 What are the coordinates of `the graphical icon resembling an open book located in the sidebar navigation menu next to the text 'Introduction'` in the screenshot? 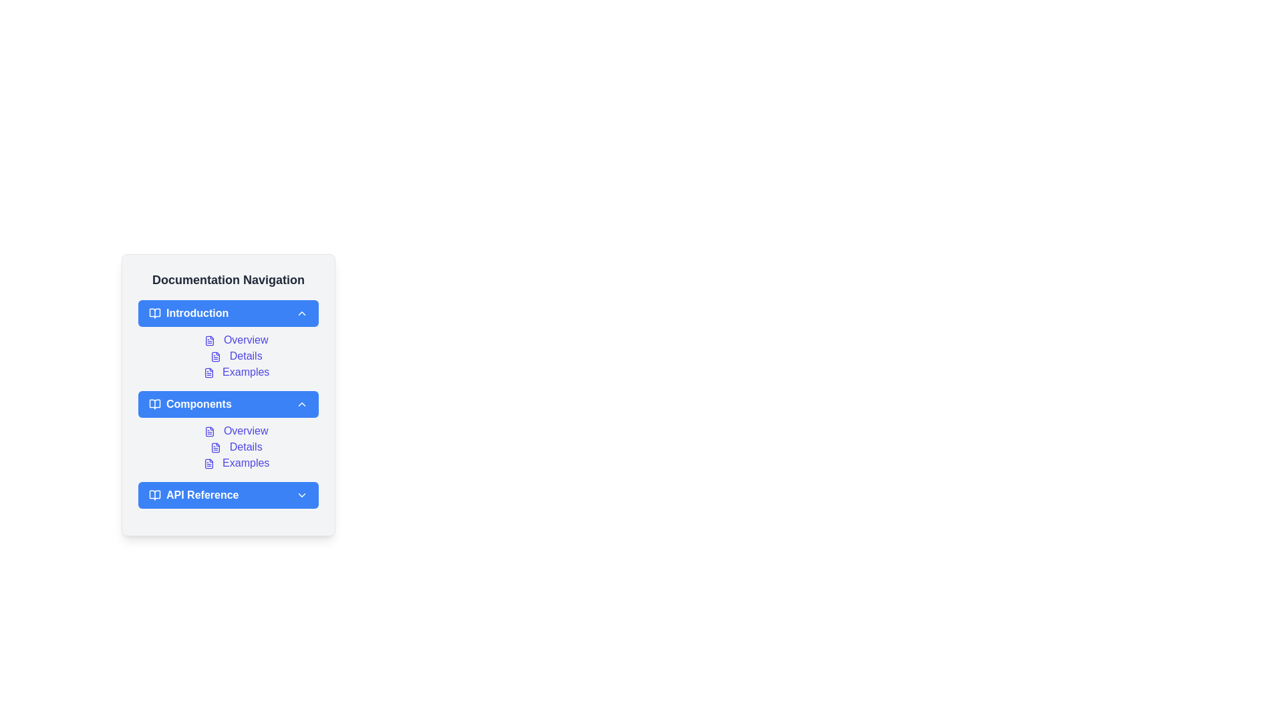 It's located at (154, 314).